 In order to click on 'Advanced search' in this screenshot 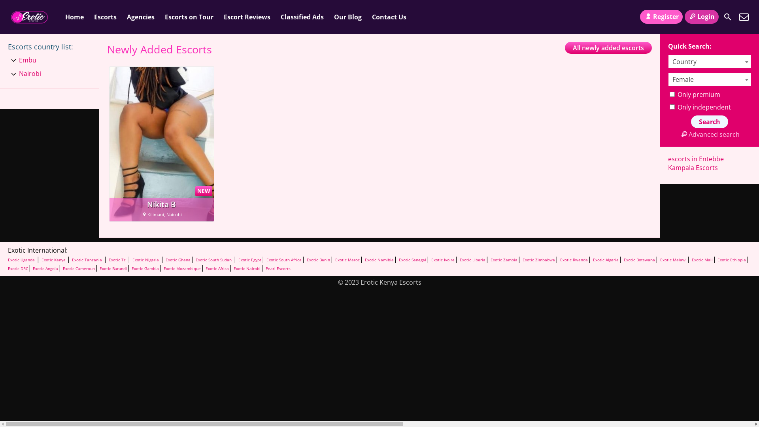, I will do `click(709, 134)`.